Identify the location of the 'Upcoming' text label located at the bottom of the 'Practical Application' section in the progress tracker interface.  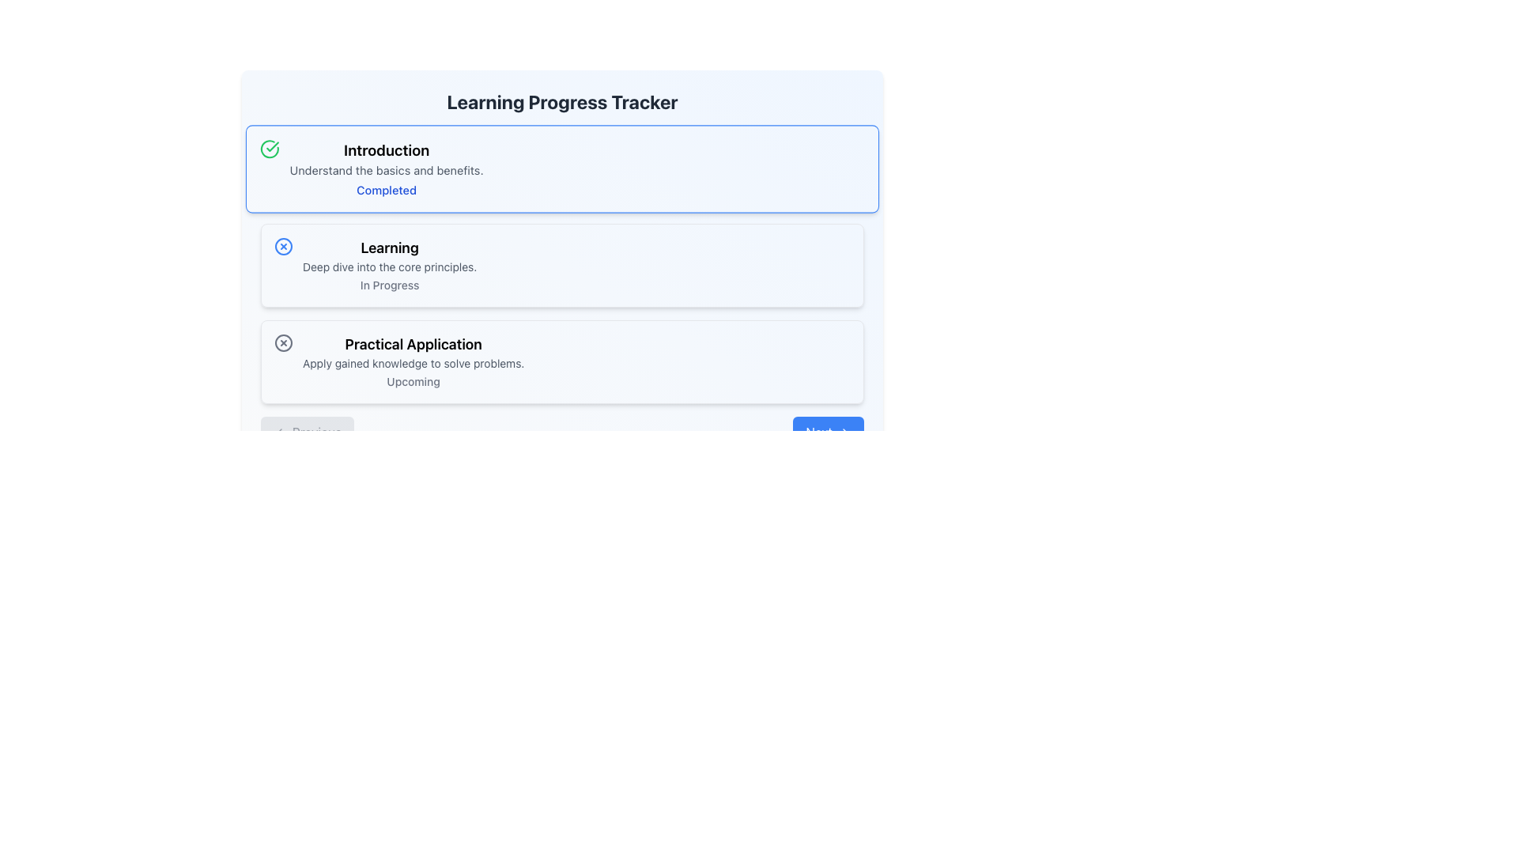
(413, 381).